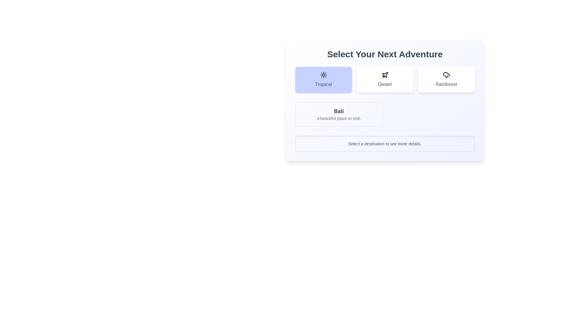  What do you see at coordinates (323, 80) in the screenshot?
I see `the 'Tropical' button, the first button in a grid layout of three horizontally-aligned buttons` at bounding box center [323, 80].